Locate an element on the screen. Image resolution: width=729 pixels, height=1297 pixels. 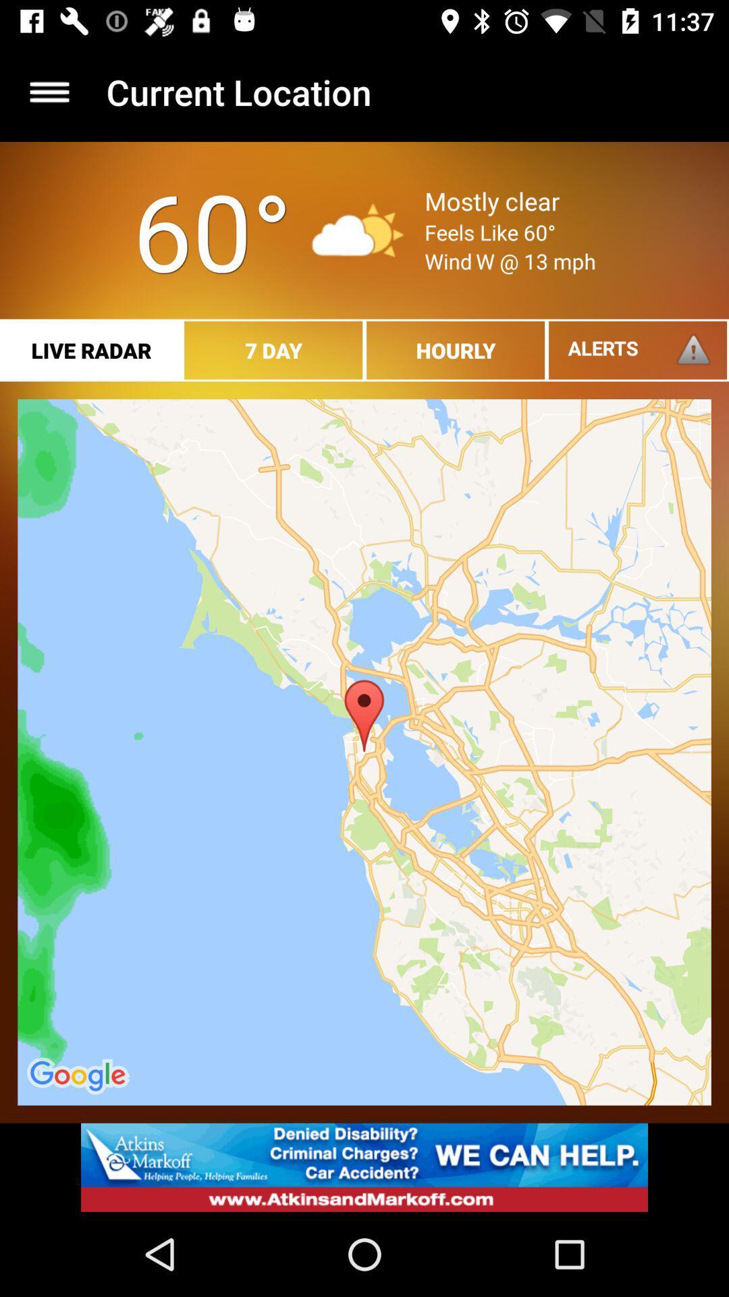
the menu icon is located at coordinates (49, 91).